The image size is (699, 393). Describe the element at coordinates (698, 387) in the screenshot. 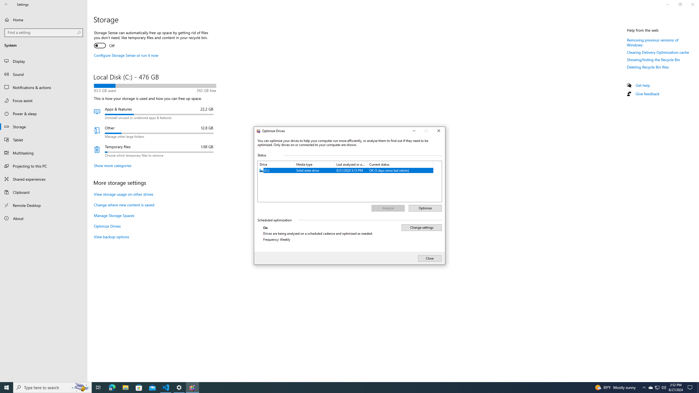

I see `'Show desktop'` at that location.